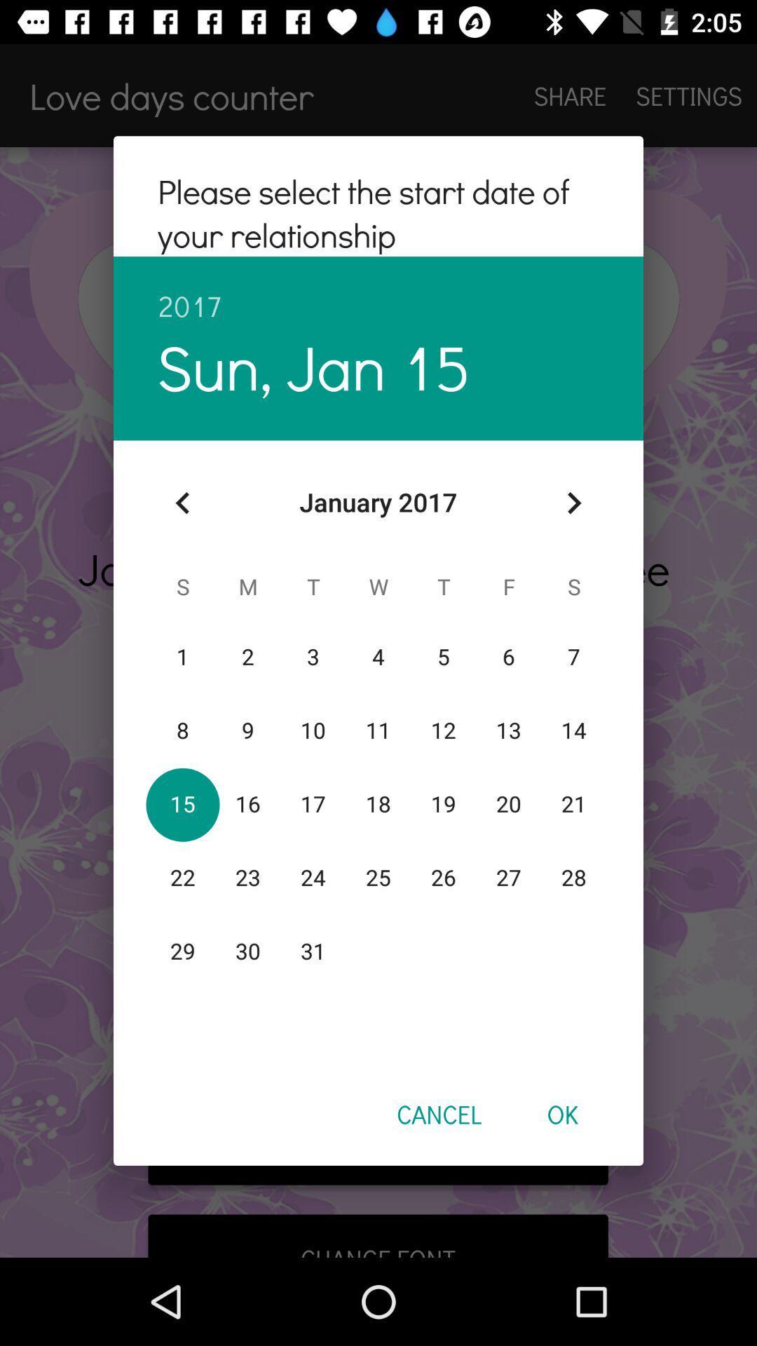 The width and height of the screenshot is (757, 1346). I want to click on item below the sun, jan 15, so click(182, 503).